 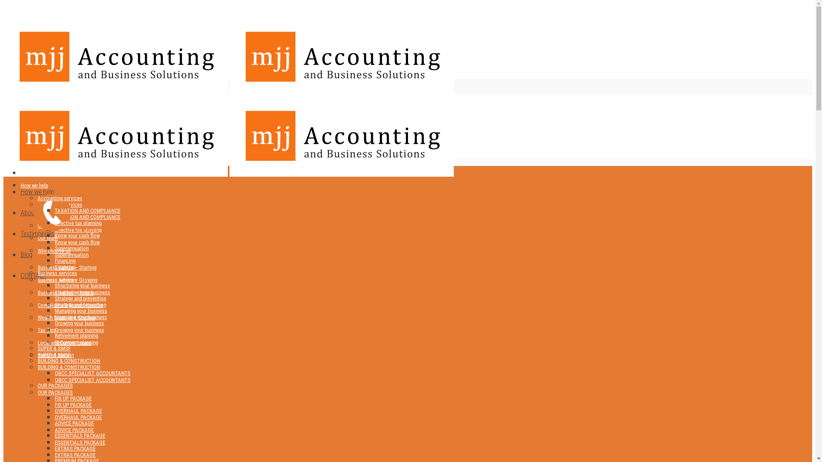 I want to click on '07 5451 1118', so click(x=74, y=229).